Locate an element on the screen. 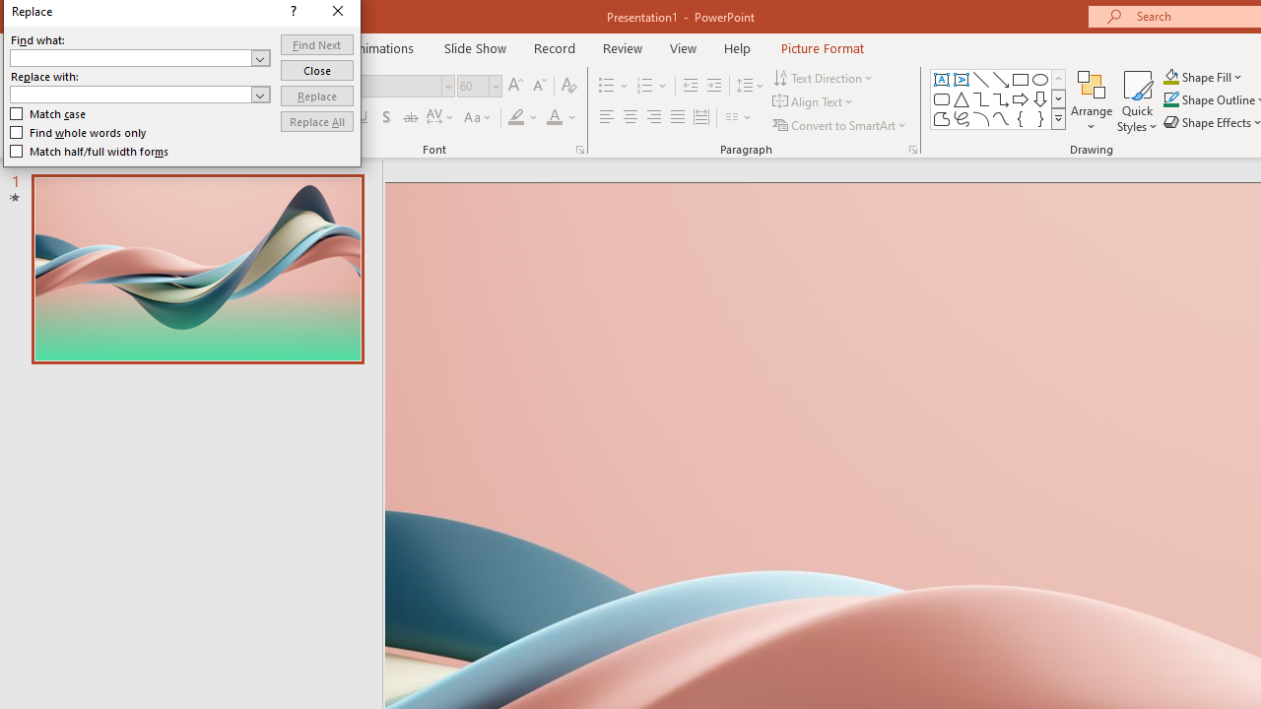 This screenshot has width=1261, height=709. 'Arrange' is located at coordinates (1091, 101).